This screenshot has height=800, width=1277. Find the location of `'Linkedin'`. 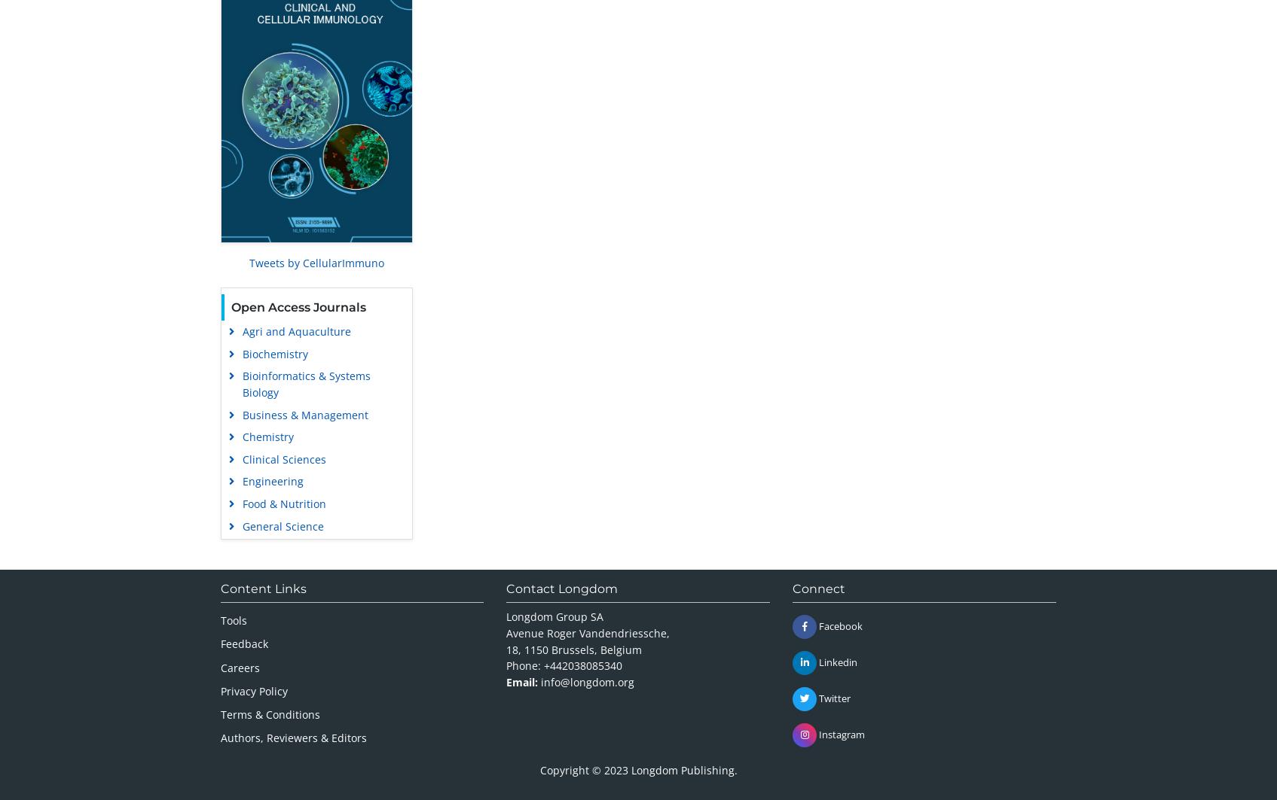

'Linkedin' is located at coordinates (836, 661).